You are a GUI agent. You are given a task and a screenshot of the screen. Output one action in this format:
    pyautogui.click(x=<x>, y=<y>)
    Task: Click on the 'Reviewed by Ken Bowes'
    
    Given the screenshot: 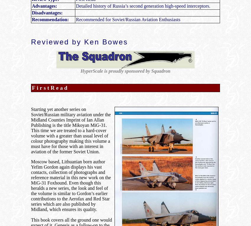 What is the action you would take?
    pyautogui.click(x=79, y=41)
    